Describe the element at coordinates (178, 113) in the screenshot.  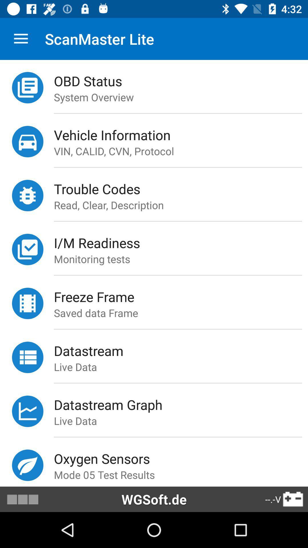
I see `icon above vehicle information` at that location.